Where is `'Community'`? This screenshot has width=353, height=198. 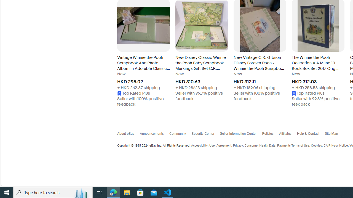
'Community' is located at coordinates (180, 135).